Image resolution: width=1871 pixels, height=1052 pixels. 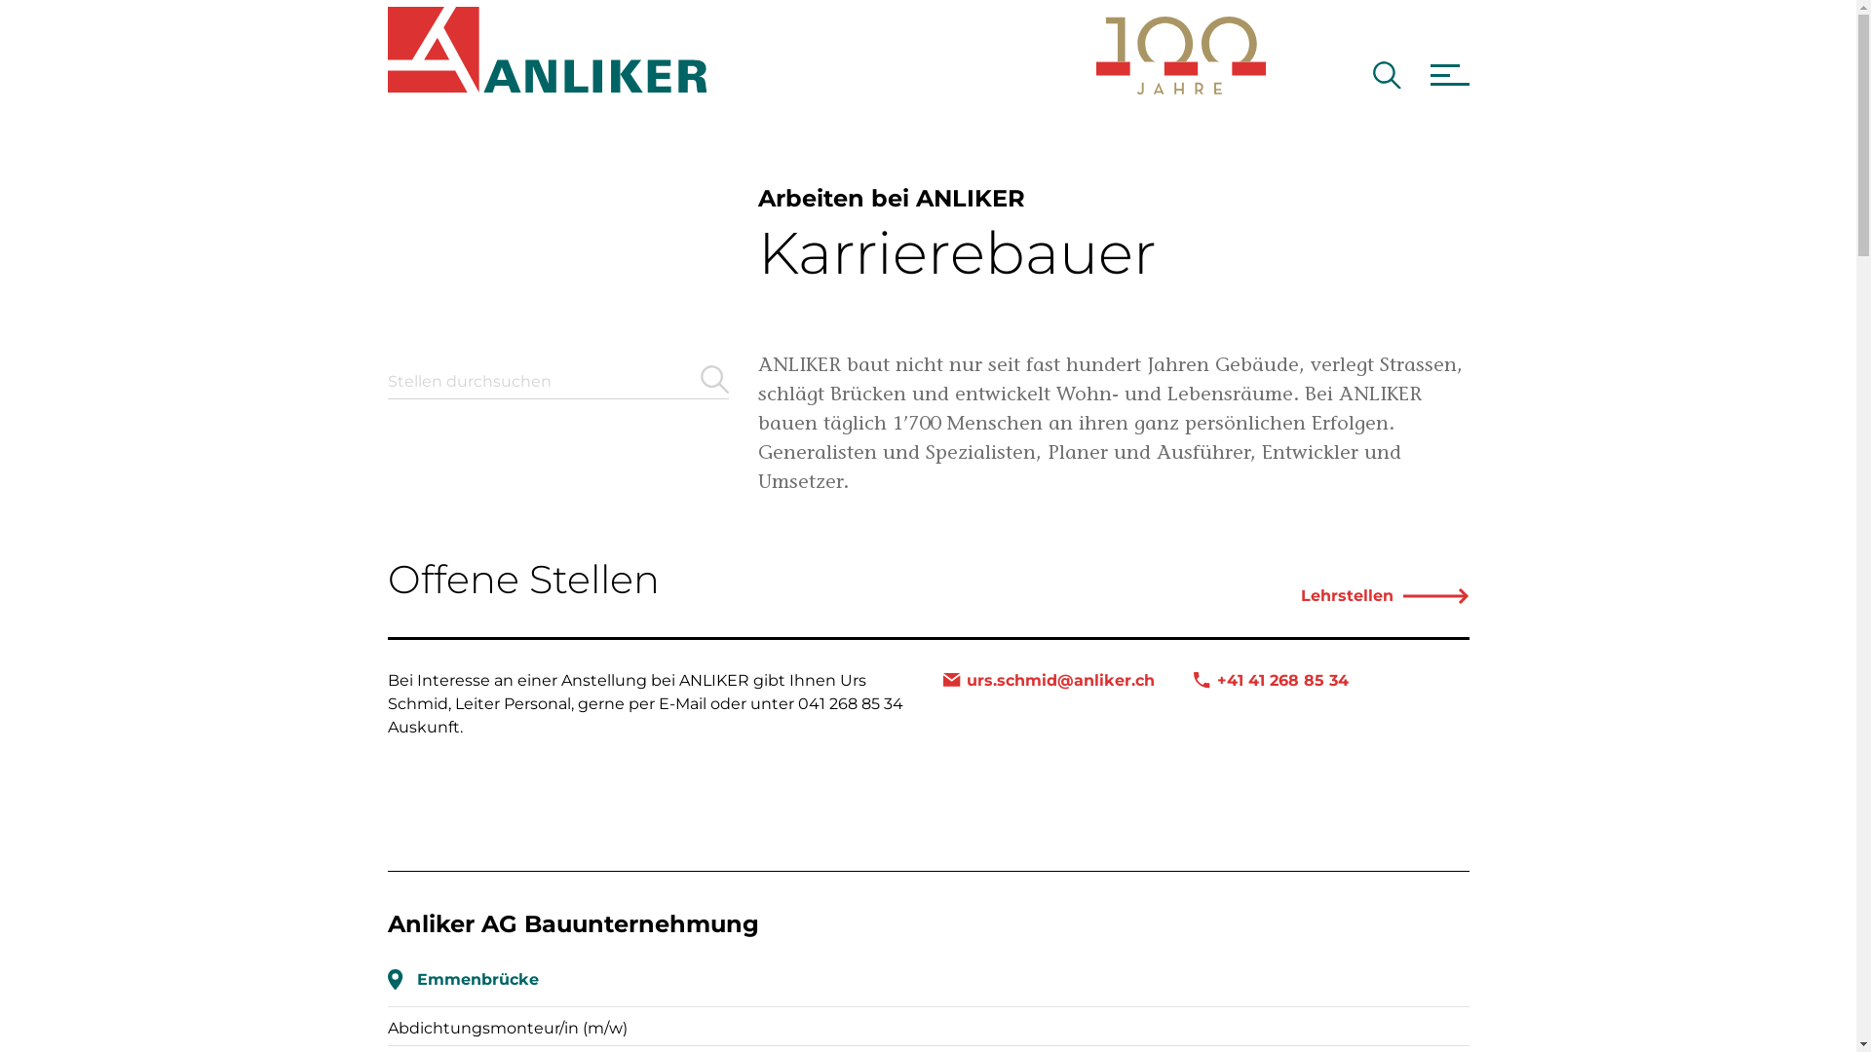 What do you see at coordinates (1383, 595) in the screenshot?
I see `'Lehrstellen'` at bounding box center [1383, 595].